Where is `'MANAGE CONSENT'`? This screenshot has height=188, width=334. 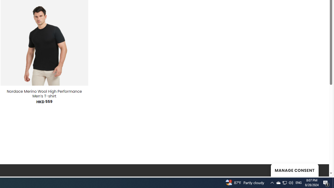
'MANAGE CONSENT' is located at coordinates (294, 170).